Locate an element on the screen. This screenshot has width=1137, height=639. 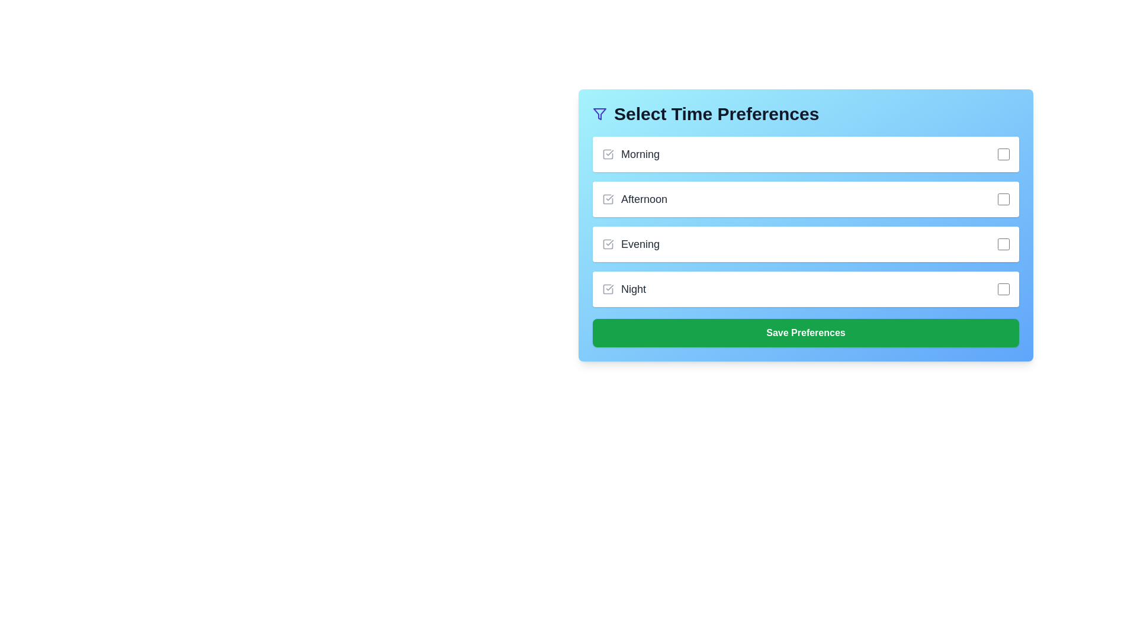
the text label that describes the time preference option, located adjacent to the checkbox in the topmost row of the settings menu titled 'Select Time Preferences.' is located at coordinates (640, 154).